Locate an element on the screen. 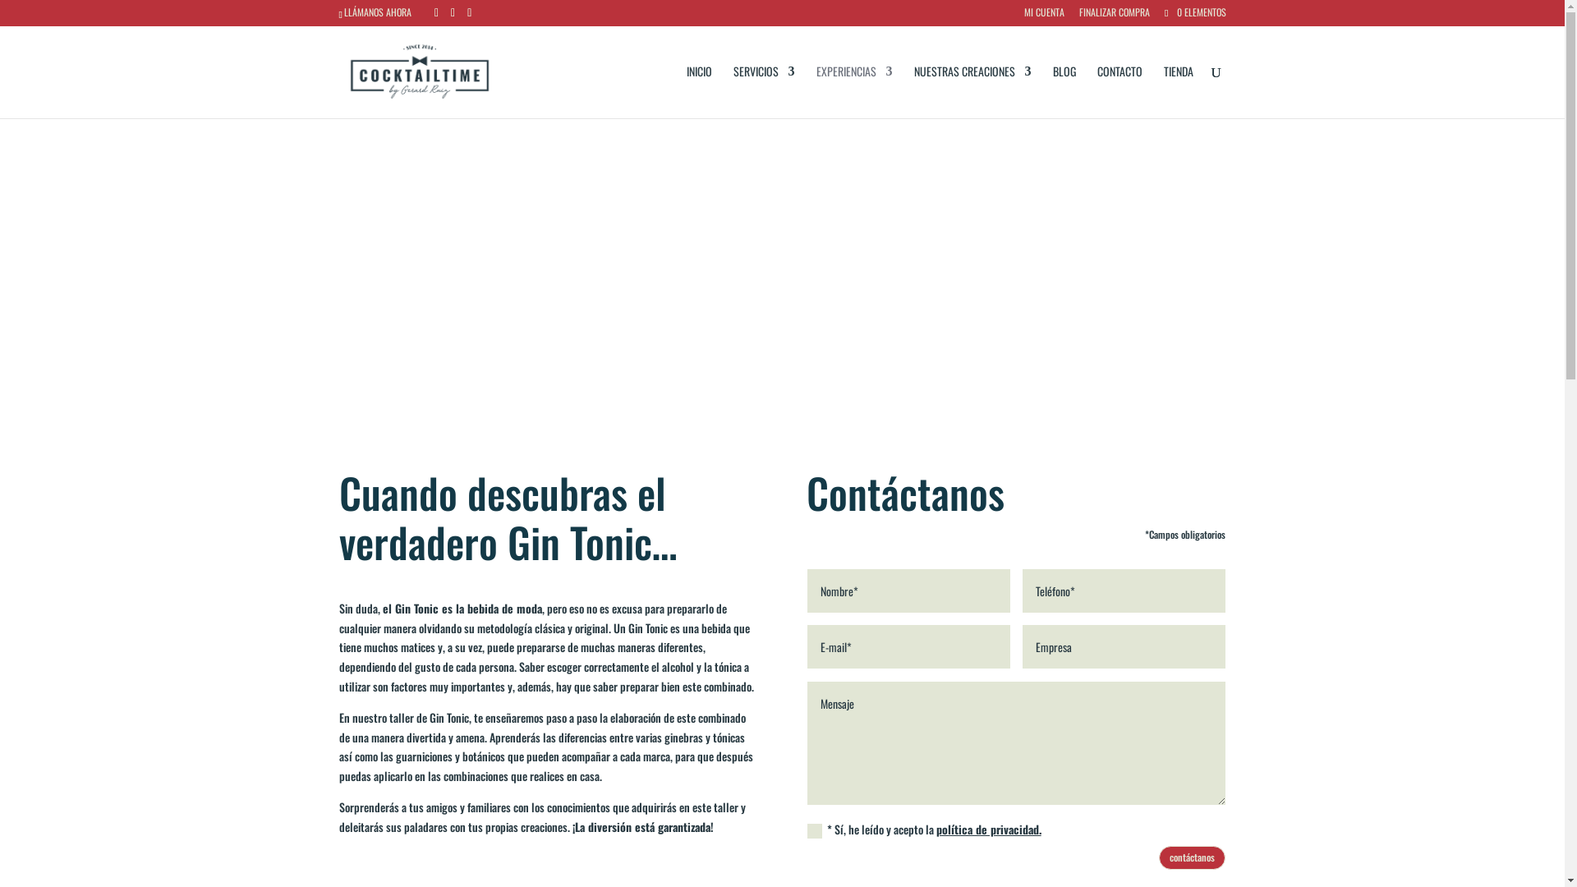  '0 ELEMENTOS' is located at coordinates (1161, 11).